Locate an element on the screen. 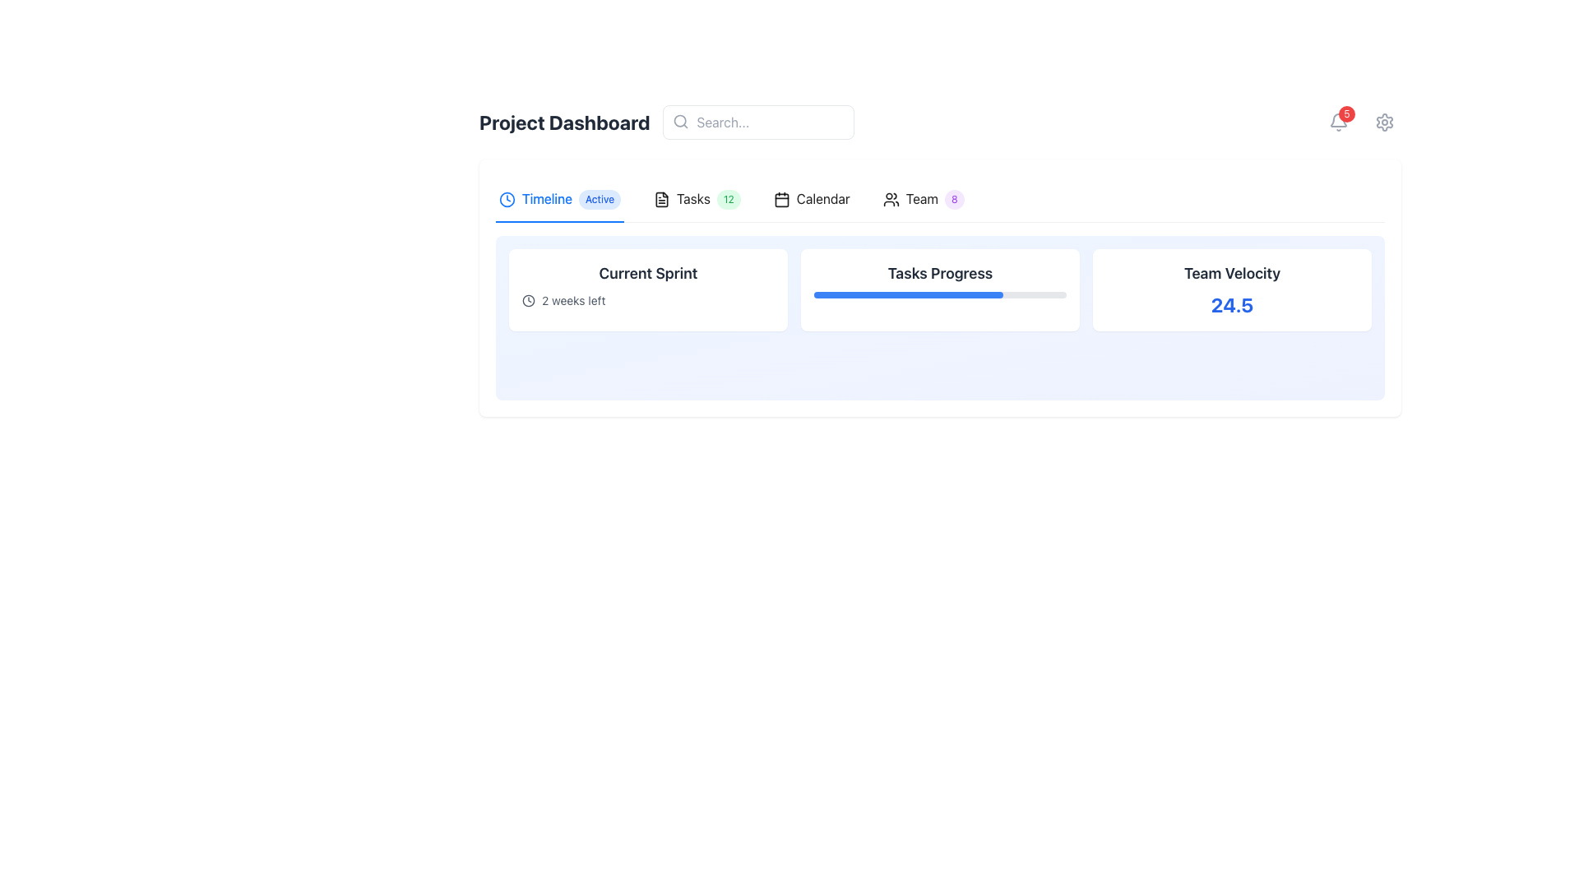  the Tablist navigation menu located below the 'Project Dashboard' header is located at coordinates (940, 198).